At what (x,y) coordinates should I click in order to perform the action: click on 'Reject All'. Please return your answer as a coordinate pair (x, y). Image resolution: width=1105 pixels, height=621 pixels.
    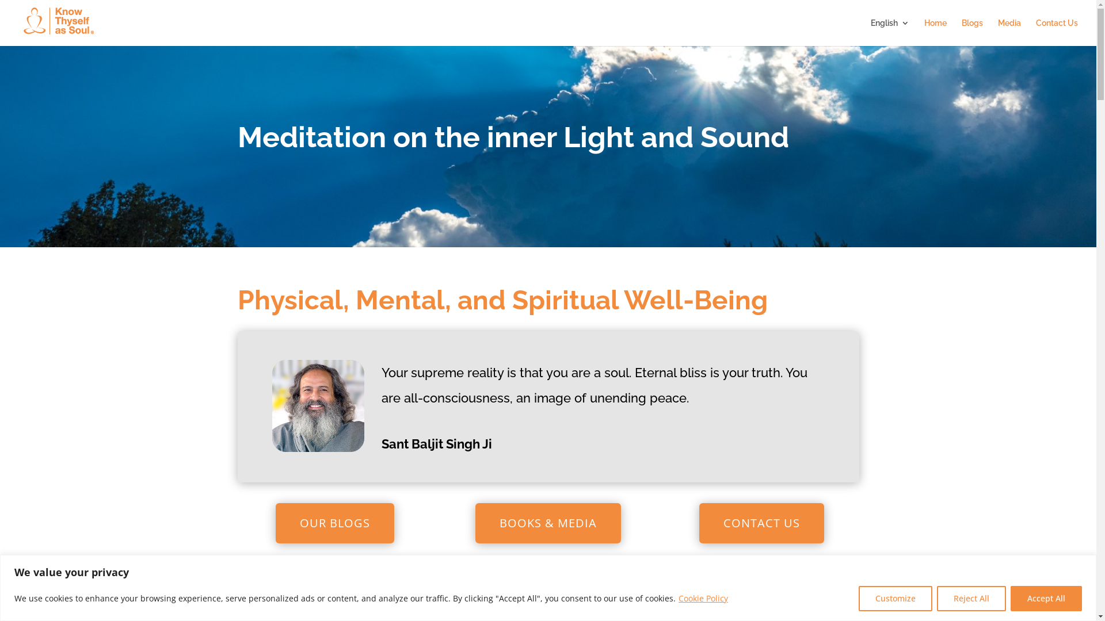
    Looking at the image, I should click on (971, 597).